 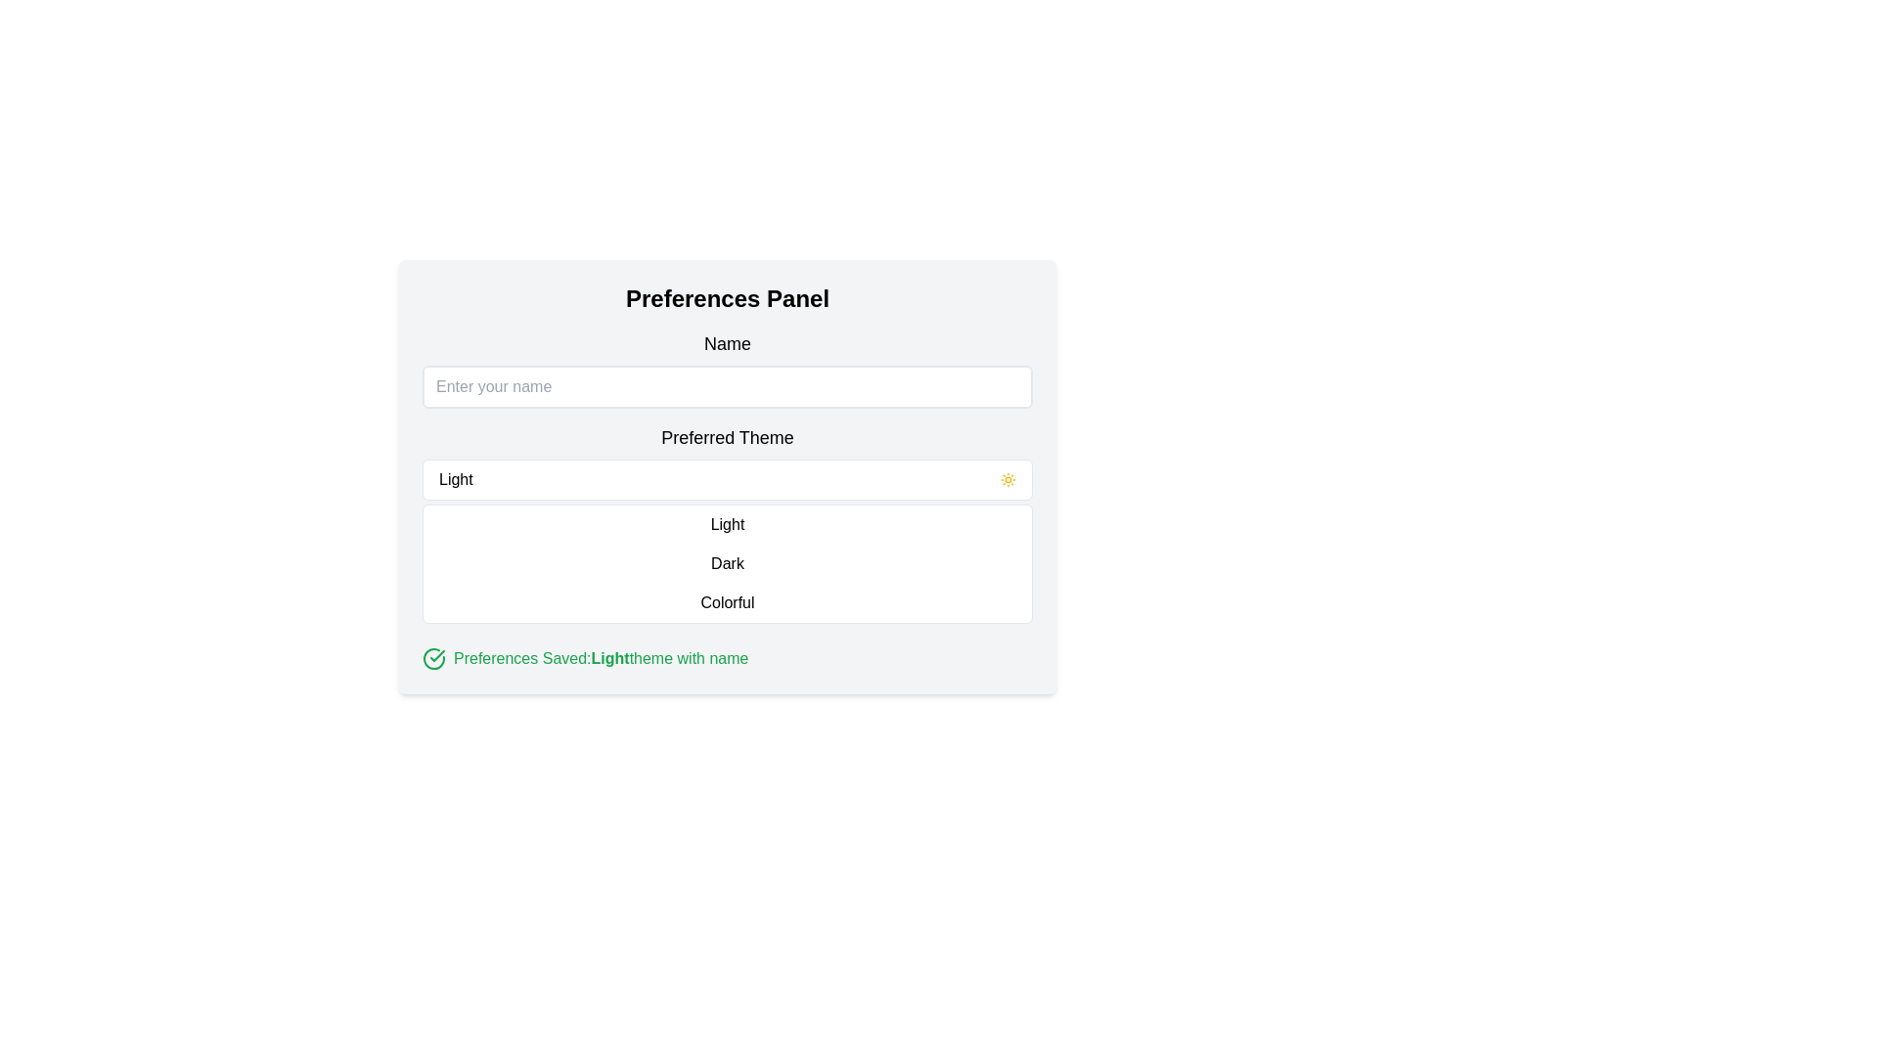 I want to click on the second option in the selectable list, so click(x=727, y=564).